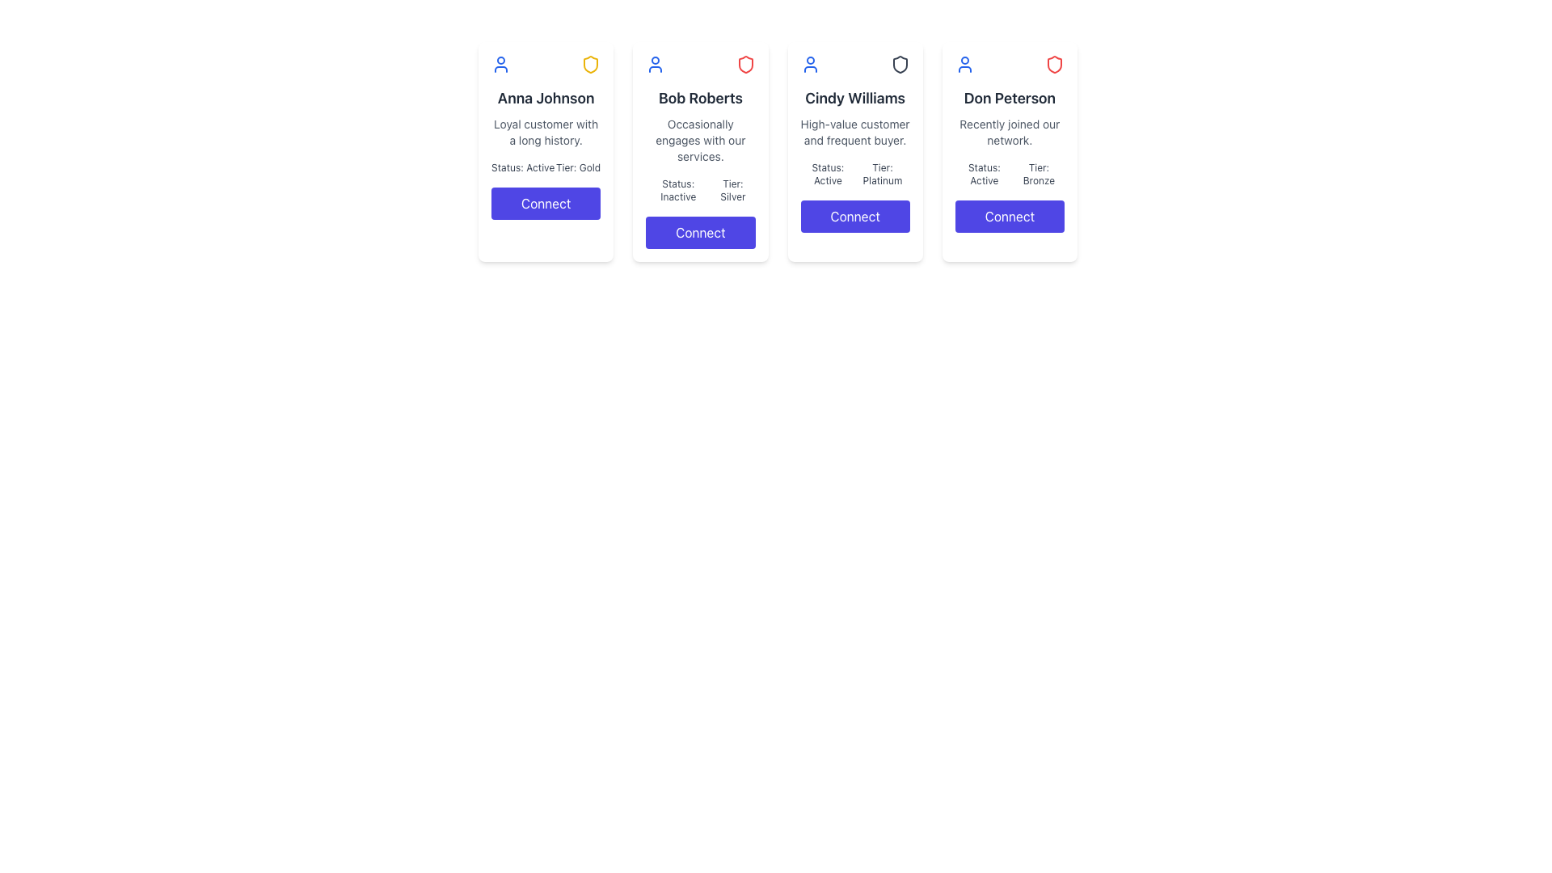 This screenshot has width=1552, height=873. Describe the element at coordinates (964, 64) in the screenshot. I see `the user icon which is a blue human figure outline located at the top-left corner of the card displaying user details for 'Don Peterson'` at that location.